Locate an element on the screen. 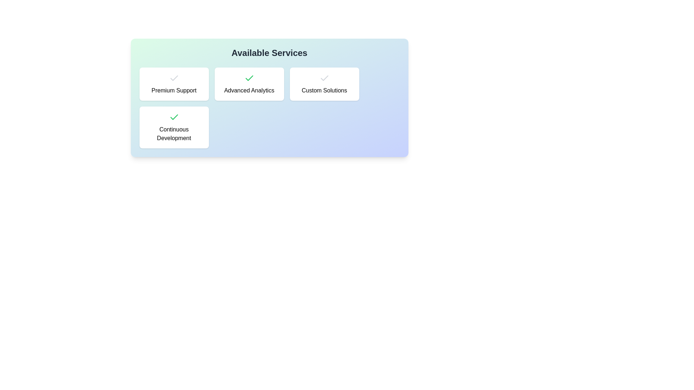 Image resolution: width=694 pixels, height=390 pixels. the 'Custom Solutions' service option card located in the rightmost column of the top row within a four-item grid is located at coordinates (324, 83).